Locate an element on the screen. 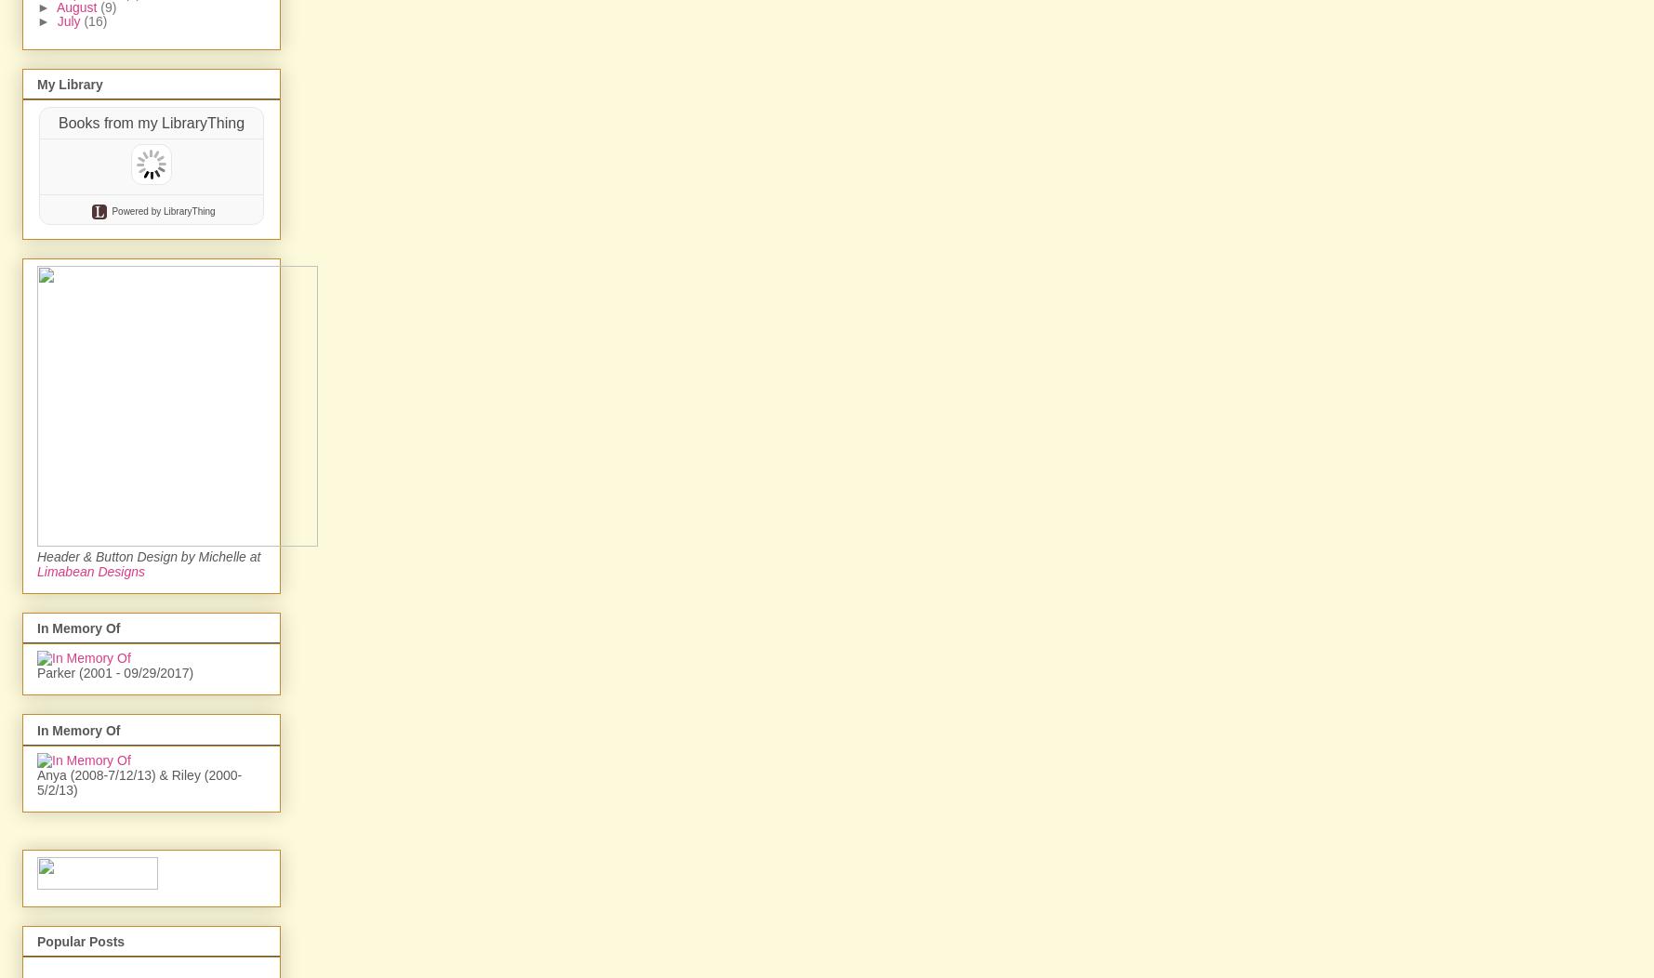 Image resolution: width=1654 pixels, height=978 pixels. 'Parker (2001 - 09/29/2017)' is located at coordinates (113, 872).